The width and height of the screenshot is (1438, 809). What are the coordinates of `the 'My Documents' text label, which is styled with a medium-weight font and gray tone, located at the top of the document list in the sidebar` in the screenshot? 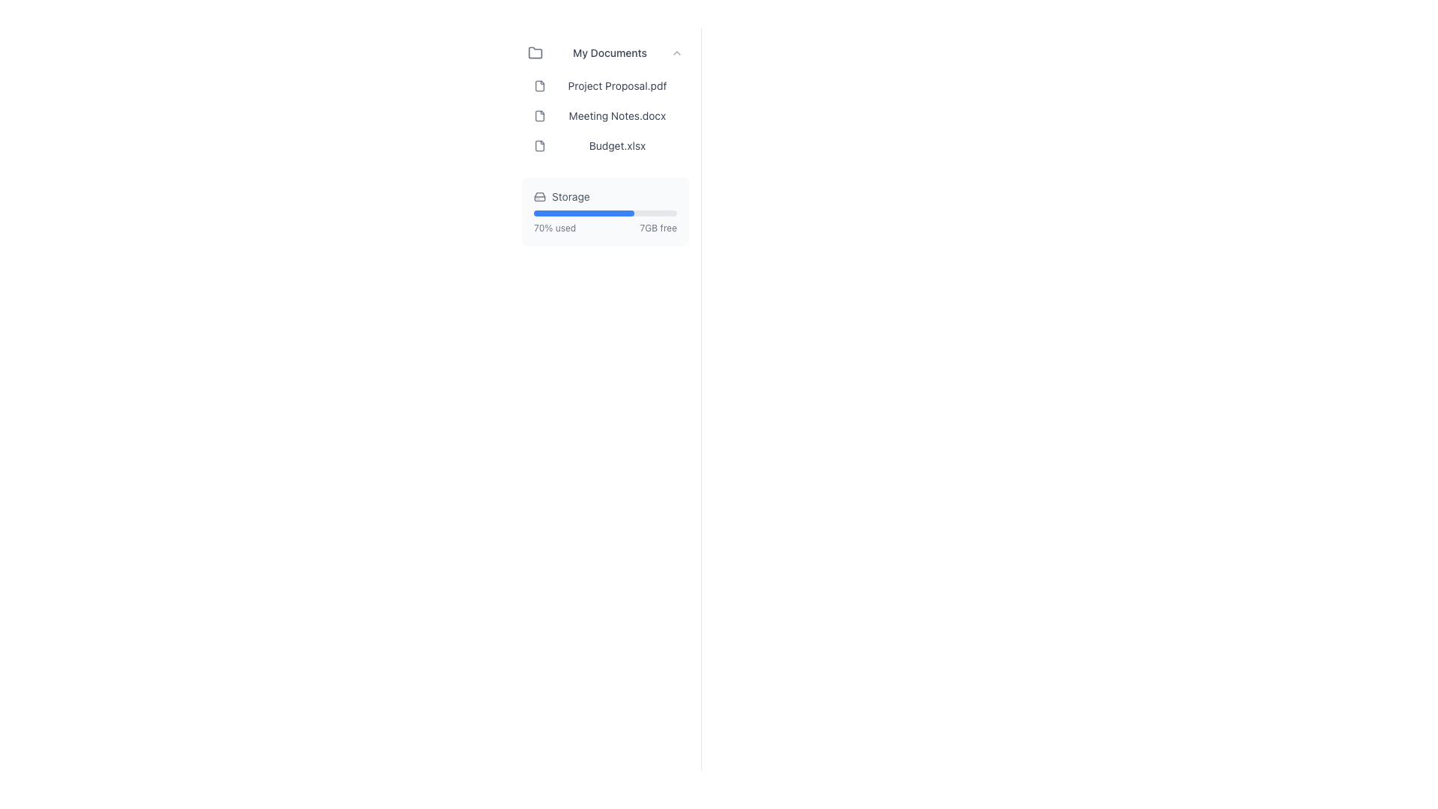 It's located at (610, 52).